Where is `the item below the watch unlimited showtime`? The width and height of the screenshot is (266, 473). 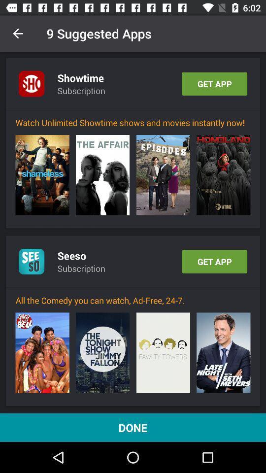 the item below the watch unlimited showtime is located at coordinates (42, 175).